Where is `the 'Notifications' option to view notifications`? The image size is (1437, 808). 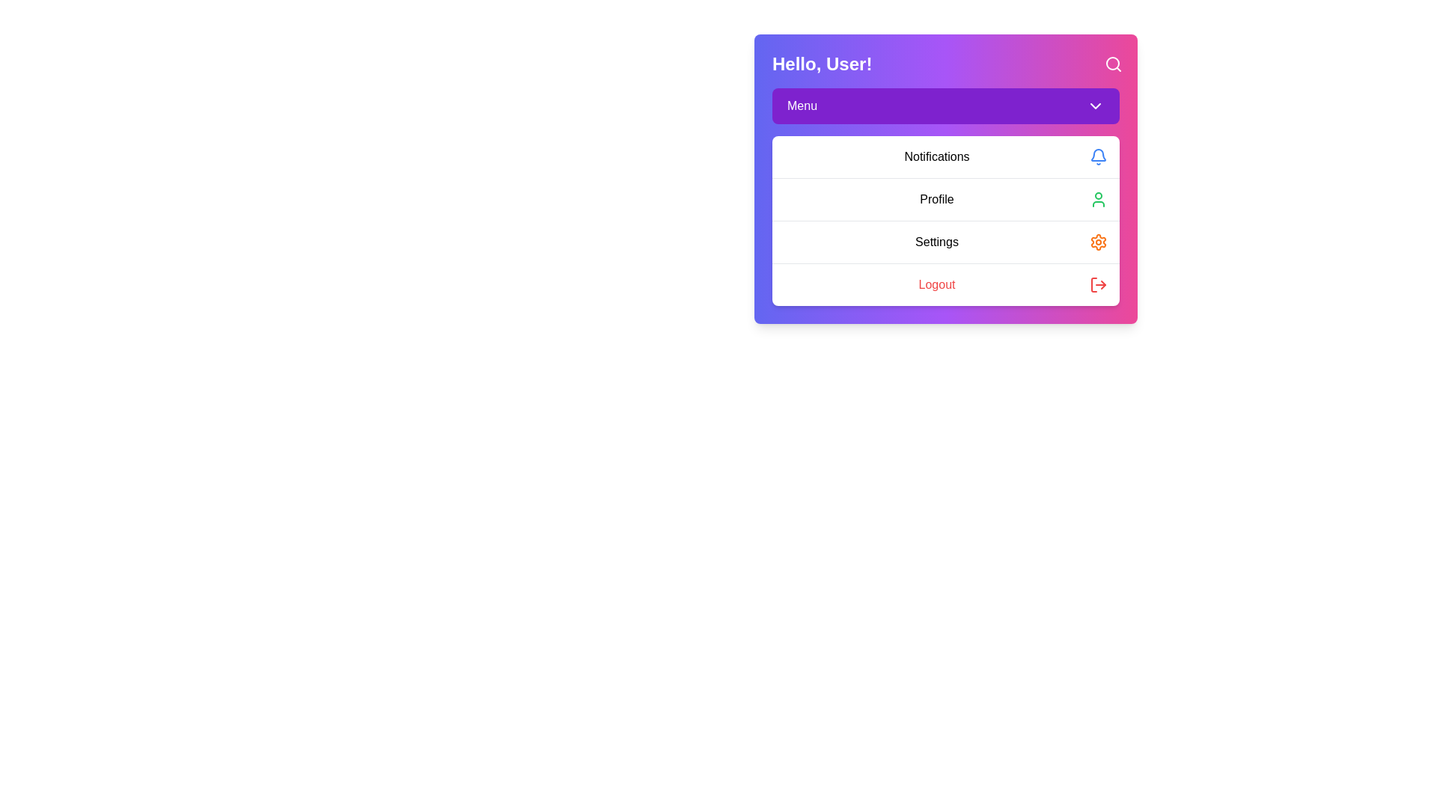 the 'Notifications' option to view notifications is located at coordinates (945, 156).